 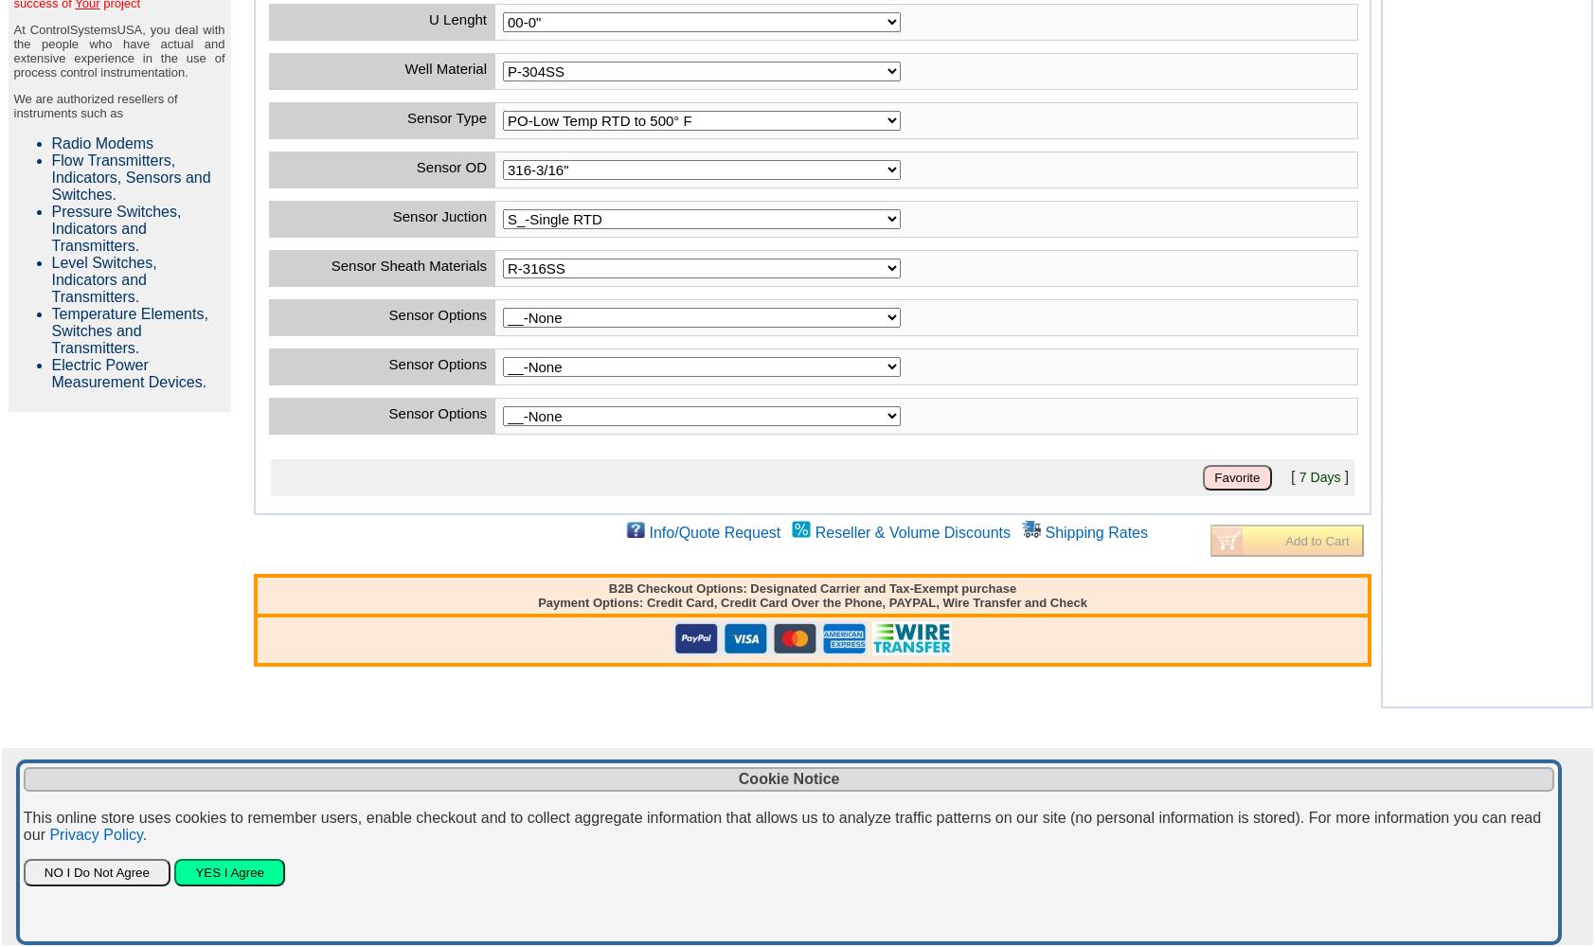 What do you see at coordinates (593, 779) in the screenshot?
I see `'Contact'` at bounding box center [593, 779].